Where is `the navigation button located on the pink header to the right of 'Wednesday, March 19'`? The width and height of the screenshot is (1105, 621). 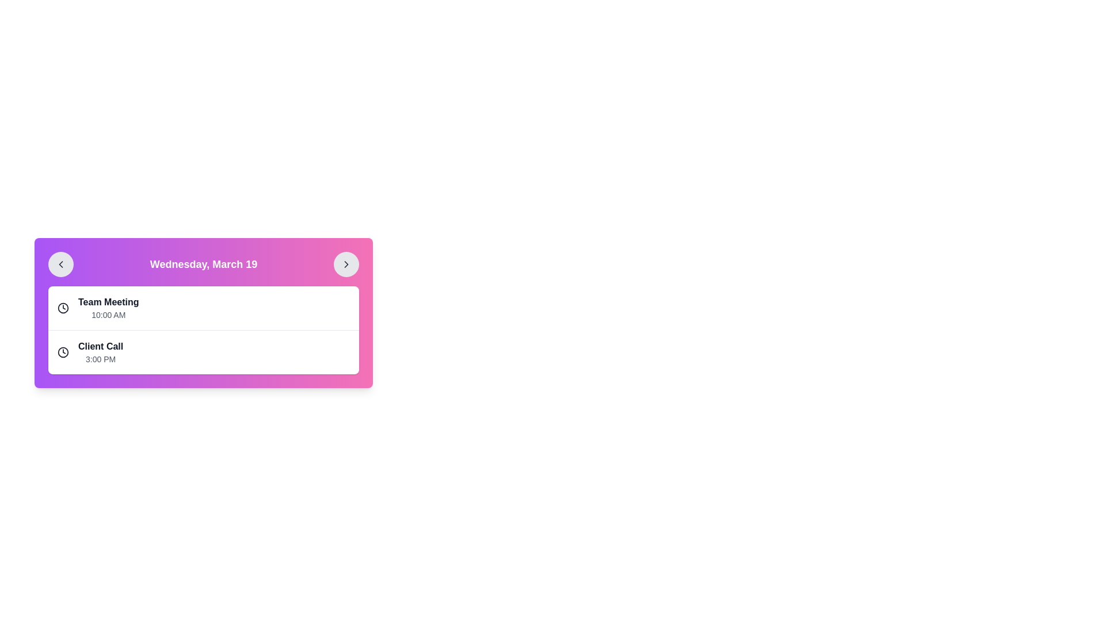 the navigation button located on the pink header to the right of 'Wednesday, March 19' is located at coordinates (345, 264).